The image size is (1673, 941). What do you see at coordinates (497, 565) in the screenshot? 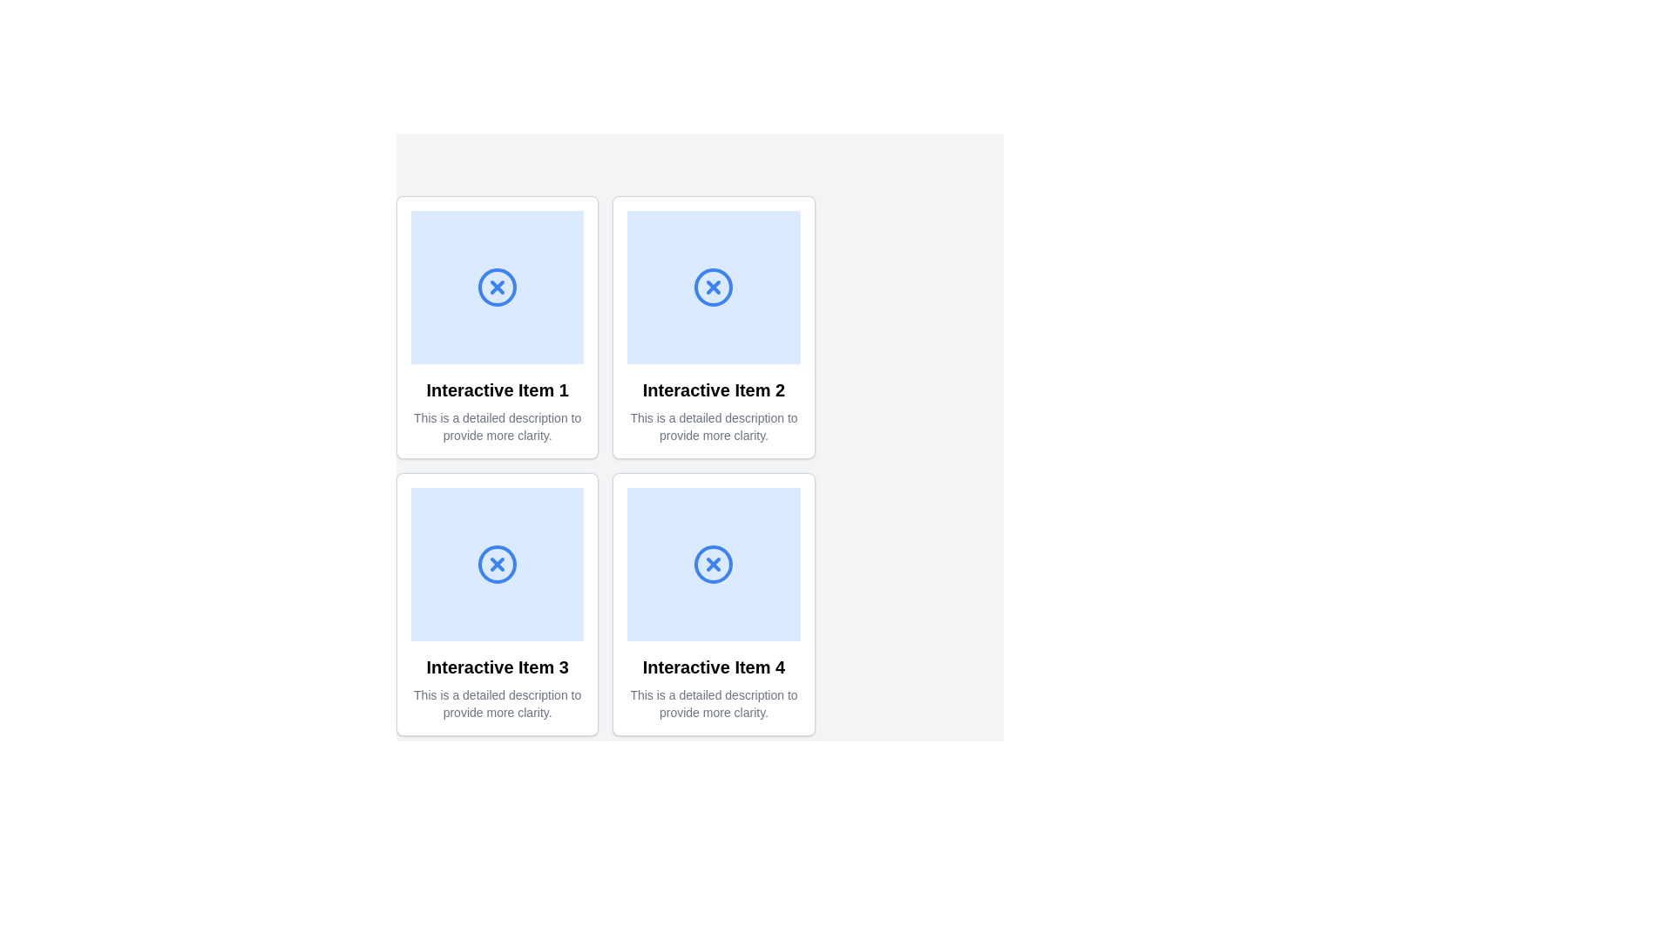
I see `the Icon element, which is a light blue rectangular area with a blue outlined circle enclosing an 'X' mark, located within the third card labeled 'Interactive Item 3' in a 2x2 layout` at bounding box center [497, 565].